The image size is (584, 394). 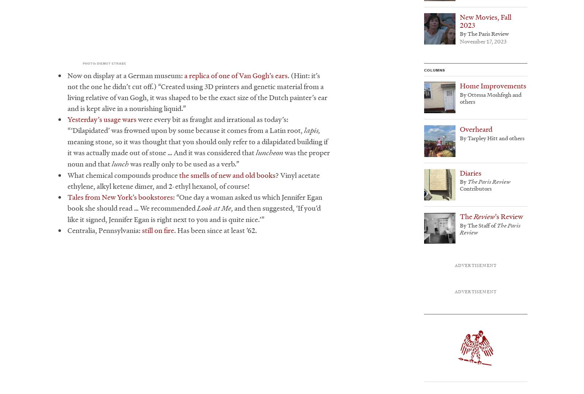 What do you see at coordinates (303, 130) in the screenshot?
I see `'lapis,'` at bounding box center [303, 130].